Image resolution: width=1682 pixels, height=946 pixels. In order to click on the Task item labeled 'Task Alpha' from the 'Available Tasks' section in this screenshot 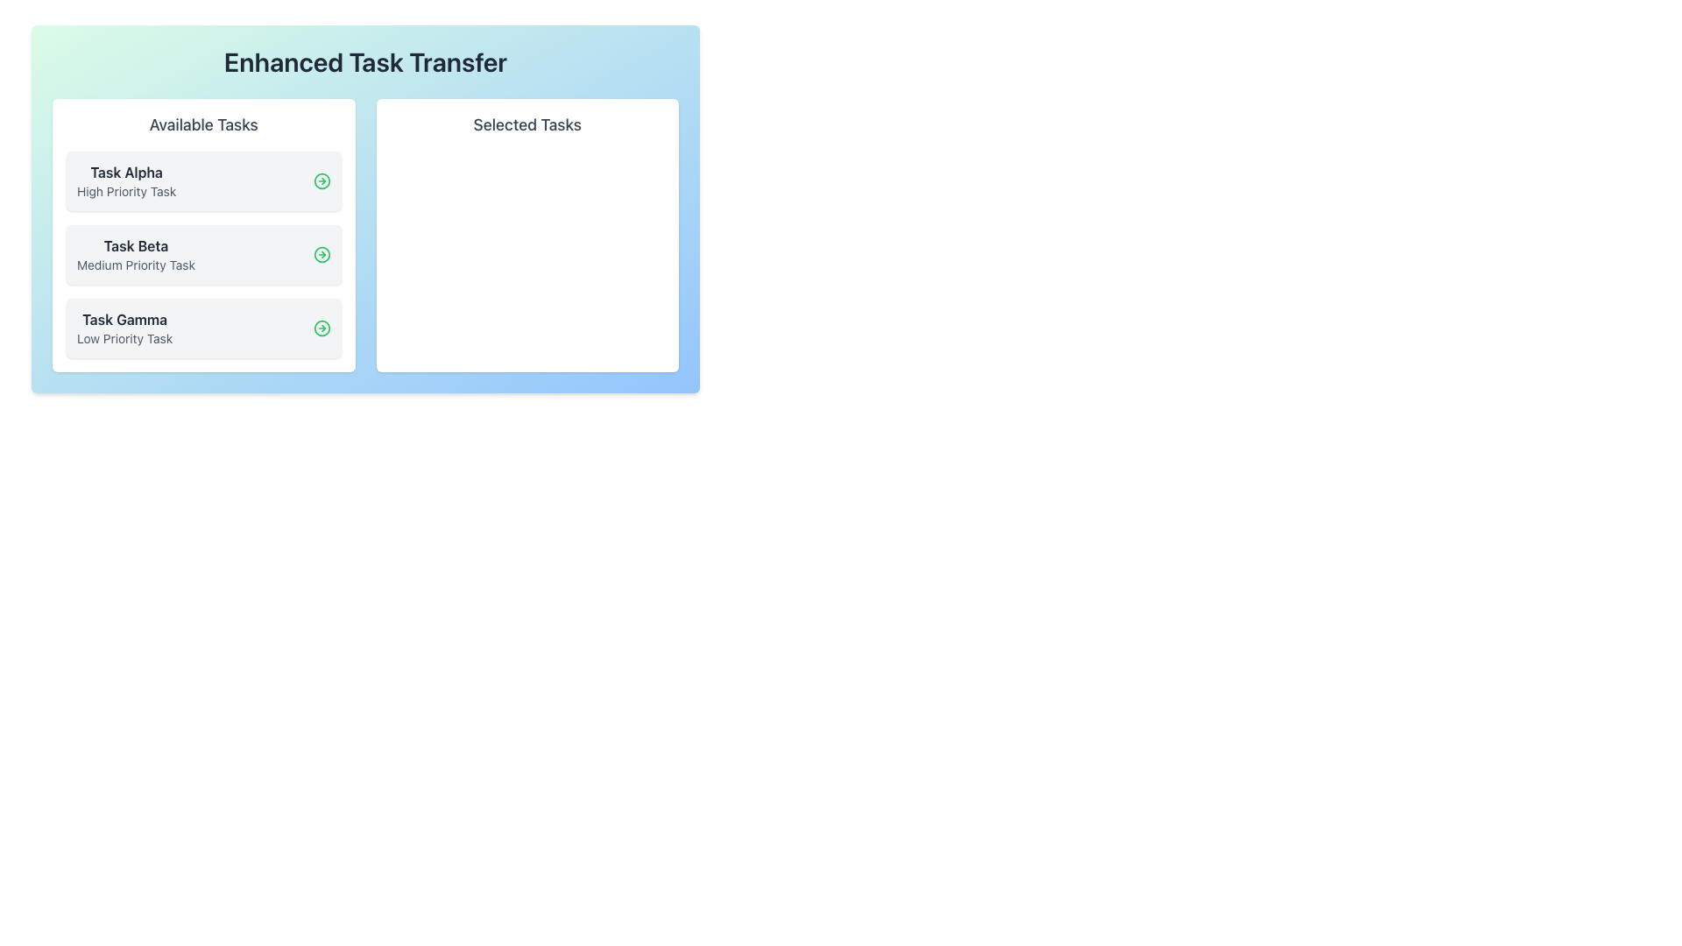, I will do `click(203, 181)`.